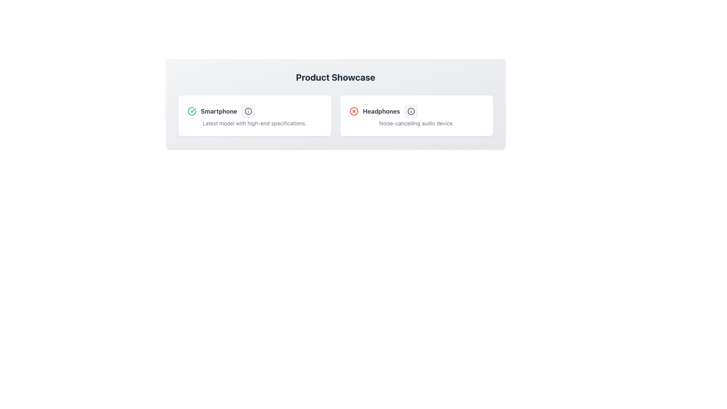 The image size is (727, 409). What do you see at coordinates (411, 111) in the screenshot?
I see `the information button located to the far right of the 'Headphones' item in the 'Product Showcase' section` at bounding box center [411, 111].